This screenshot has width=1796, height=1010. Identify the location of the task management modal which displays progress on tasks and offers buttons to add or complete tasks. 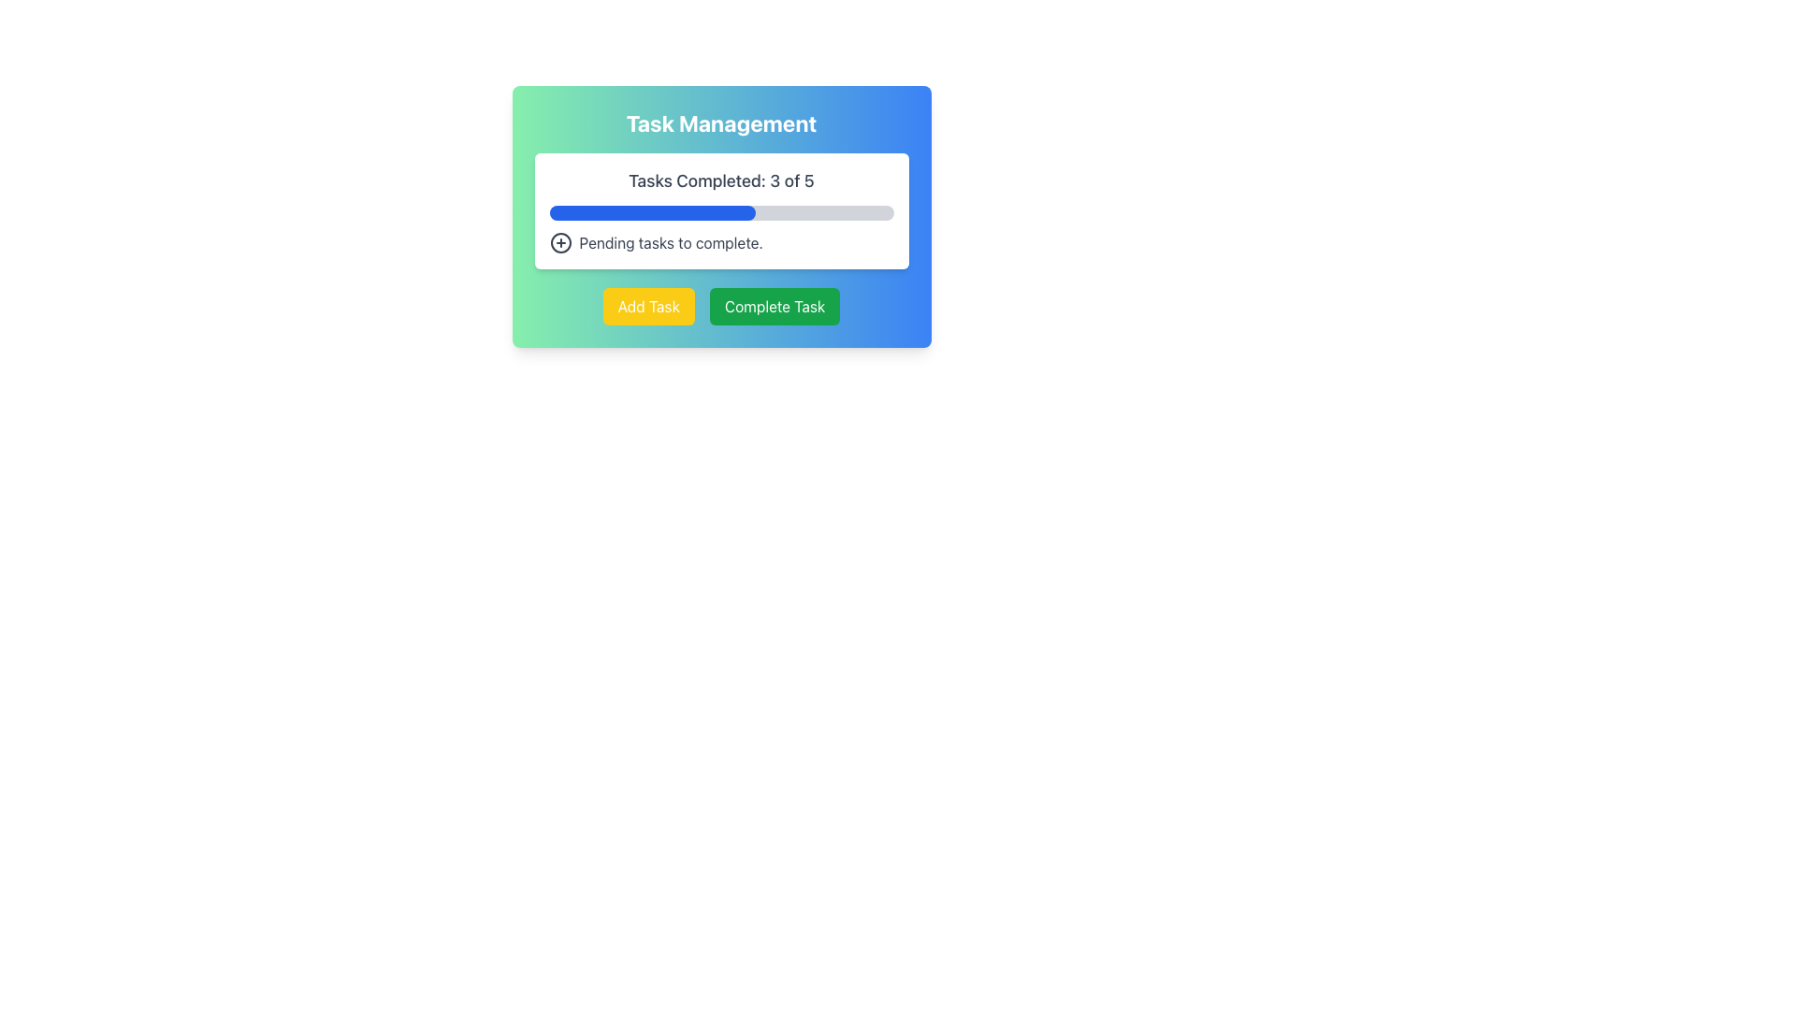
(720, 273).